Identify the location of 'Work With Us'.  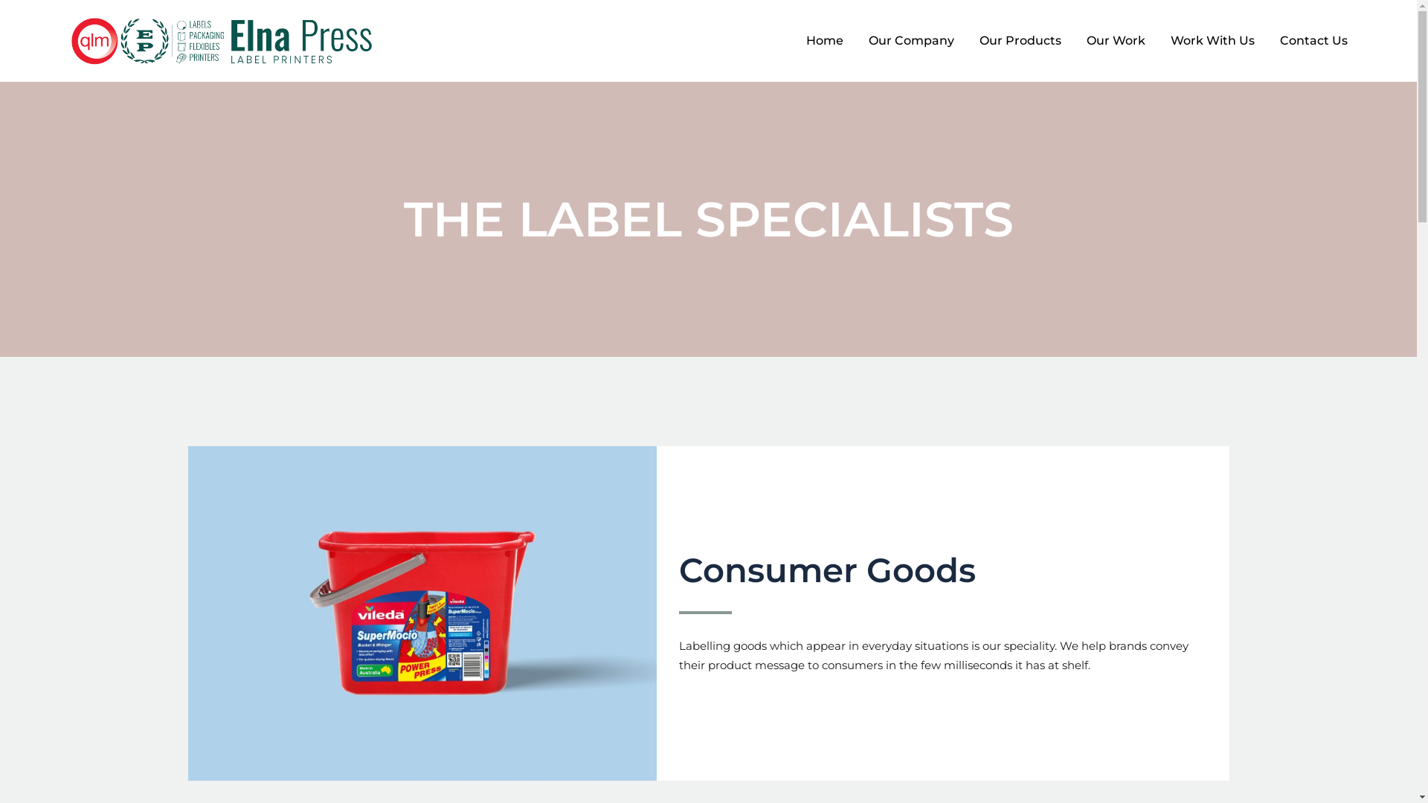
(1157, 39).